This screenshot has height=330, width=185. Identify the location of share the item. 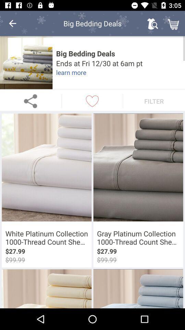
(30, 101).